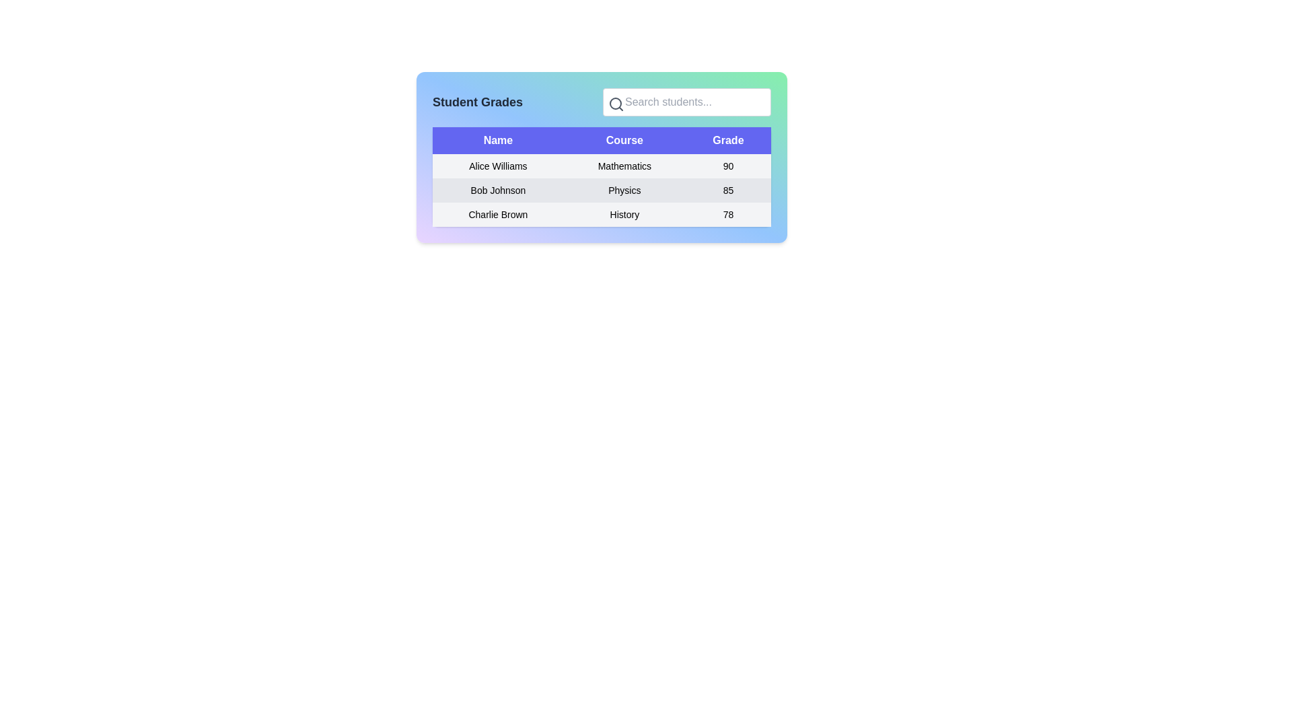 Image resolution: width=1292 pixels, height=727 pixels. I want to click on the text display showing the numerical grade of 85 for the student Bob Johnson in the second row of the table under the 'Grade' header, so click(727, 190).